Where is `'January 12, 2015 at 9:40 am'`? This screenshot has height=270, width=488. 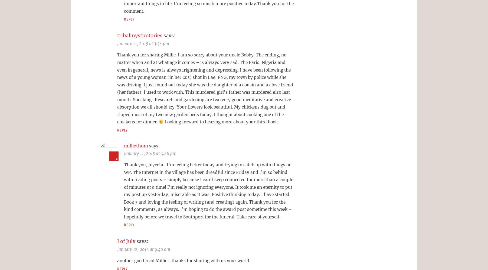 'January 12, 2015 at 9:40 am' is located at coordinates (143, 249).